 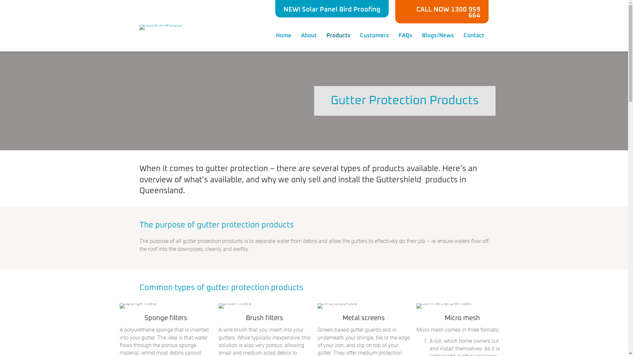 I want to click on 'About', so click(x=308, y=36).